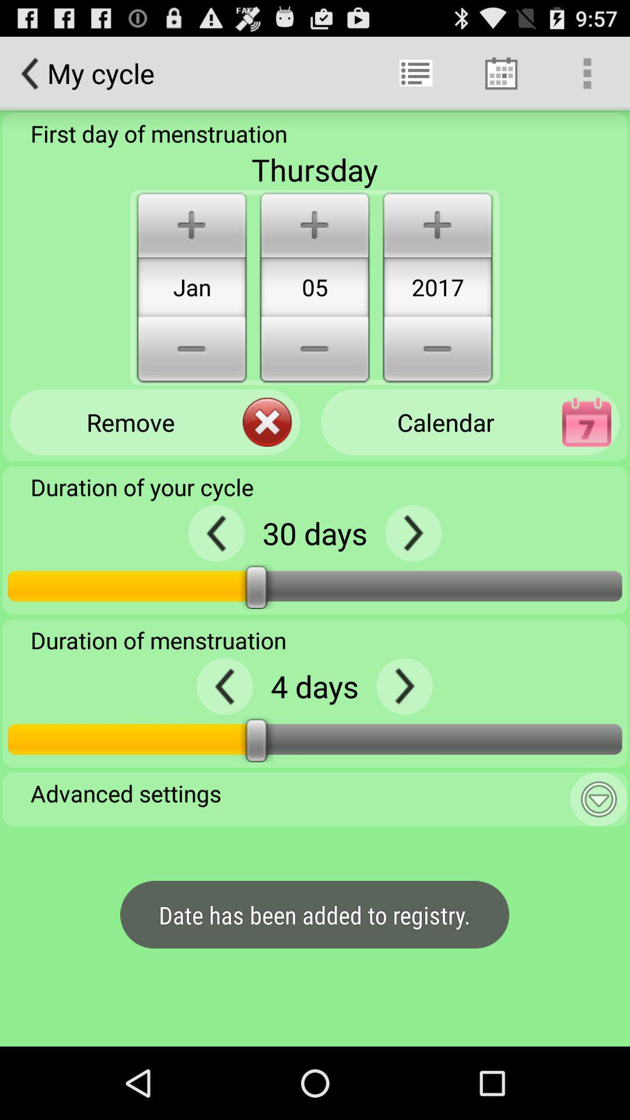  Describe the element at coordinates (404, 686) in the screenshot. I see `the symbol` at that location.